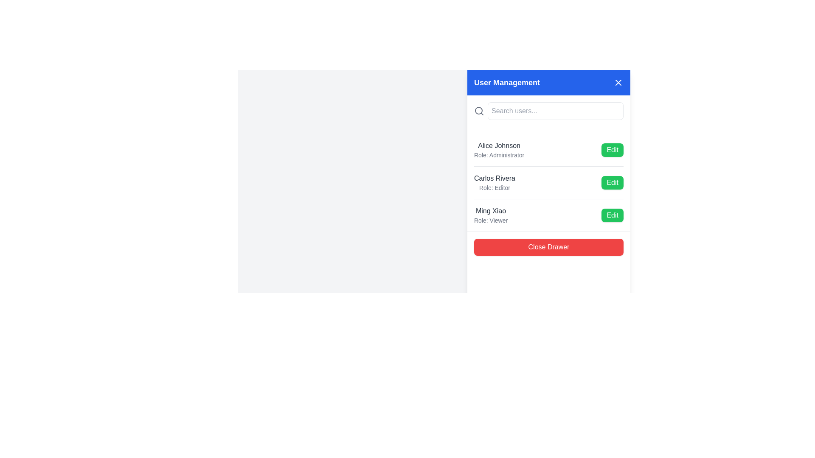 The height and width of the screenshot is (458, 815). I want to click on the text block displaying user identification, which is located under 'Alice Johnson' and above 'Ming Xiao', so click(495, 182).